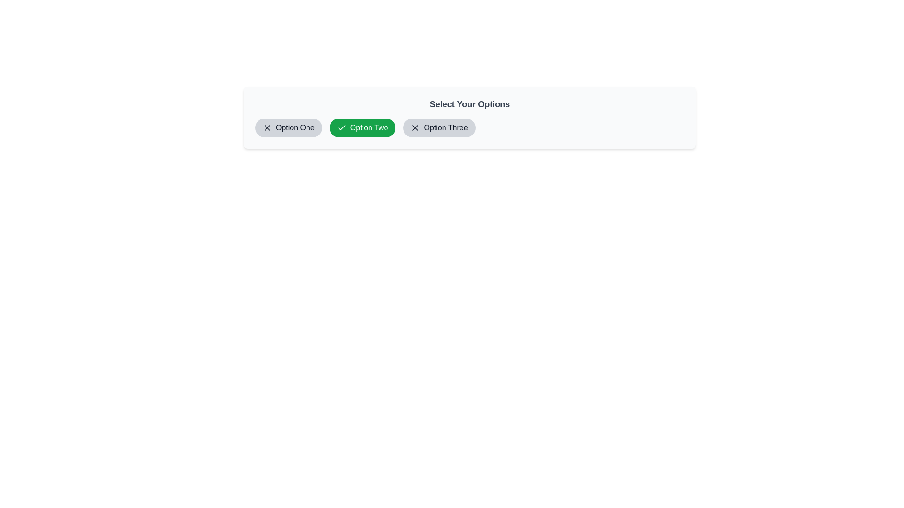  What do you see at coordinates (362, 128) in the screenshot?
I see `the option Option Two by clicking its corresponding button` at bounding box center [362, 128].